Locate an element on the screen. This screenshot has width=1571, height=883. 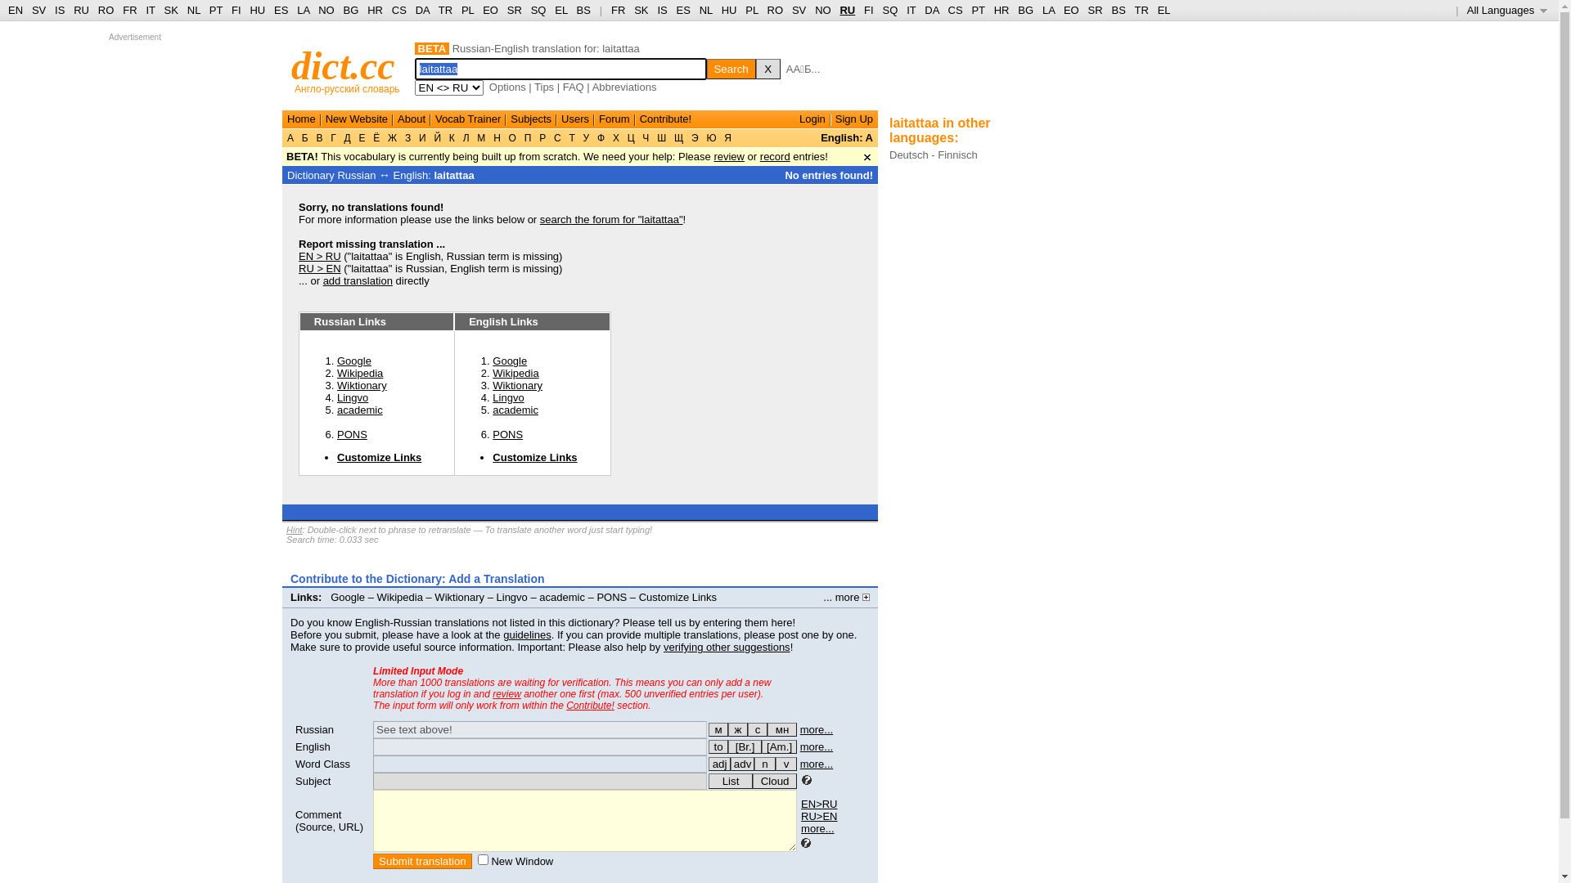
'RU' is located at coordinates (847, 10).